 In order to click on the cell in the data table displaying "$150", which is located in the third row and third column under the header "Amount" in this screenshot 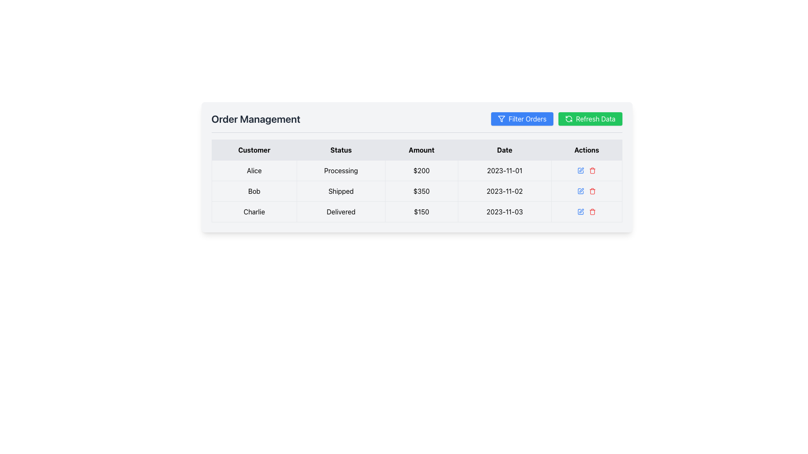, I will do `click(421, 211)`.